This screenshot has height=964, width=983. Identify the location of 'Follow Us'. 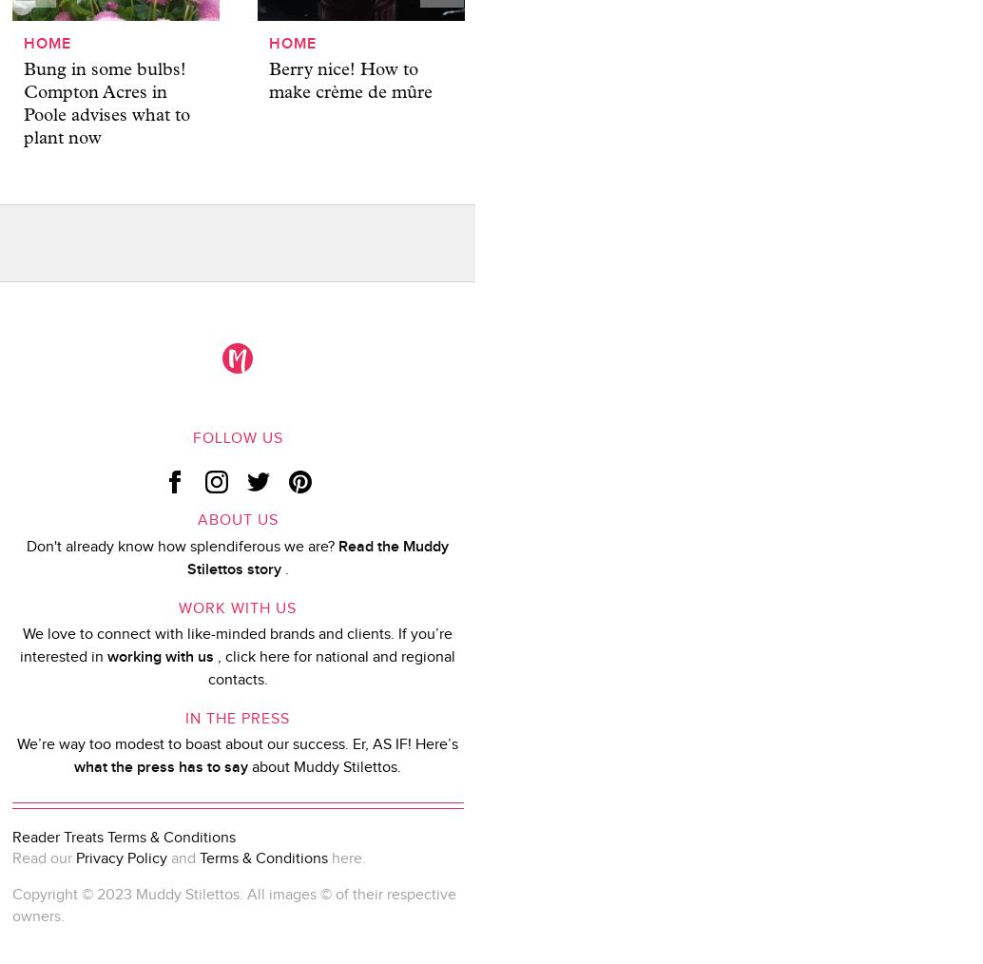
(237, 437).